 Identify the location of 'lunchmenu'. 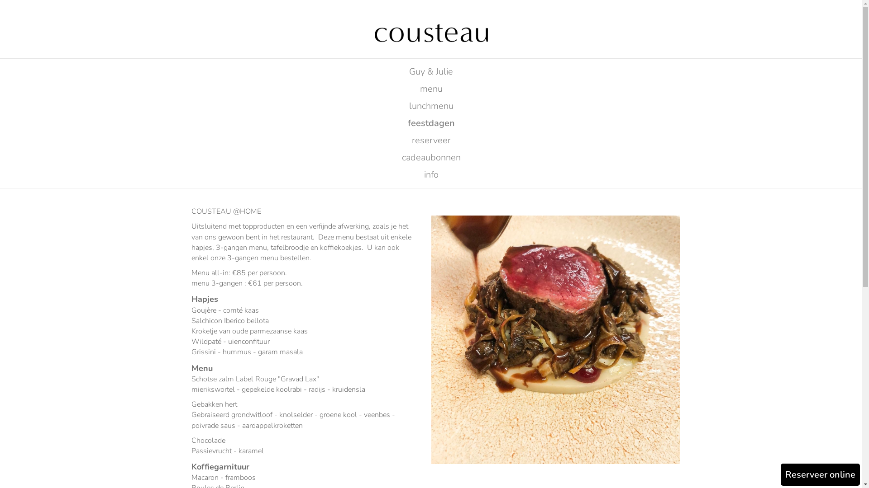
(430, 106).